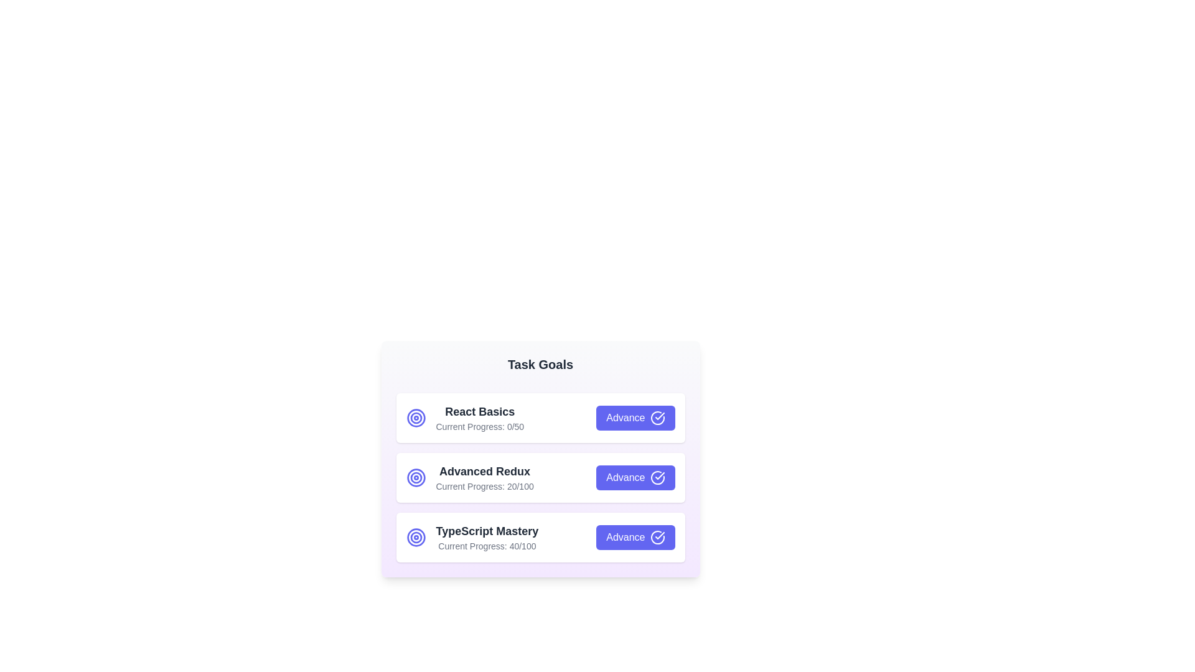 The width and height of the screenshot is (1195, 672). What do you see at coordinates (416, 418) in the screenshot?
I see `the outermost circle of the target-like design in the 'React Basics' task icon, which is located to the left of the 'Advance' button` at bounding box center [416, 418].